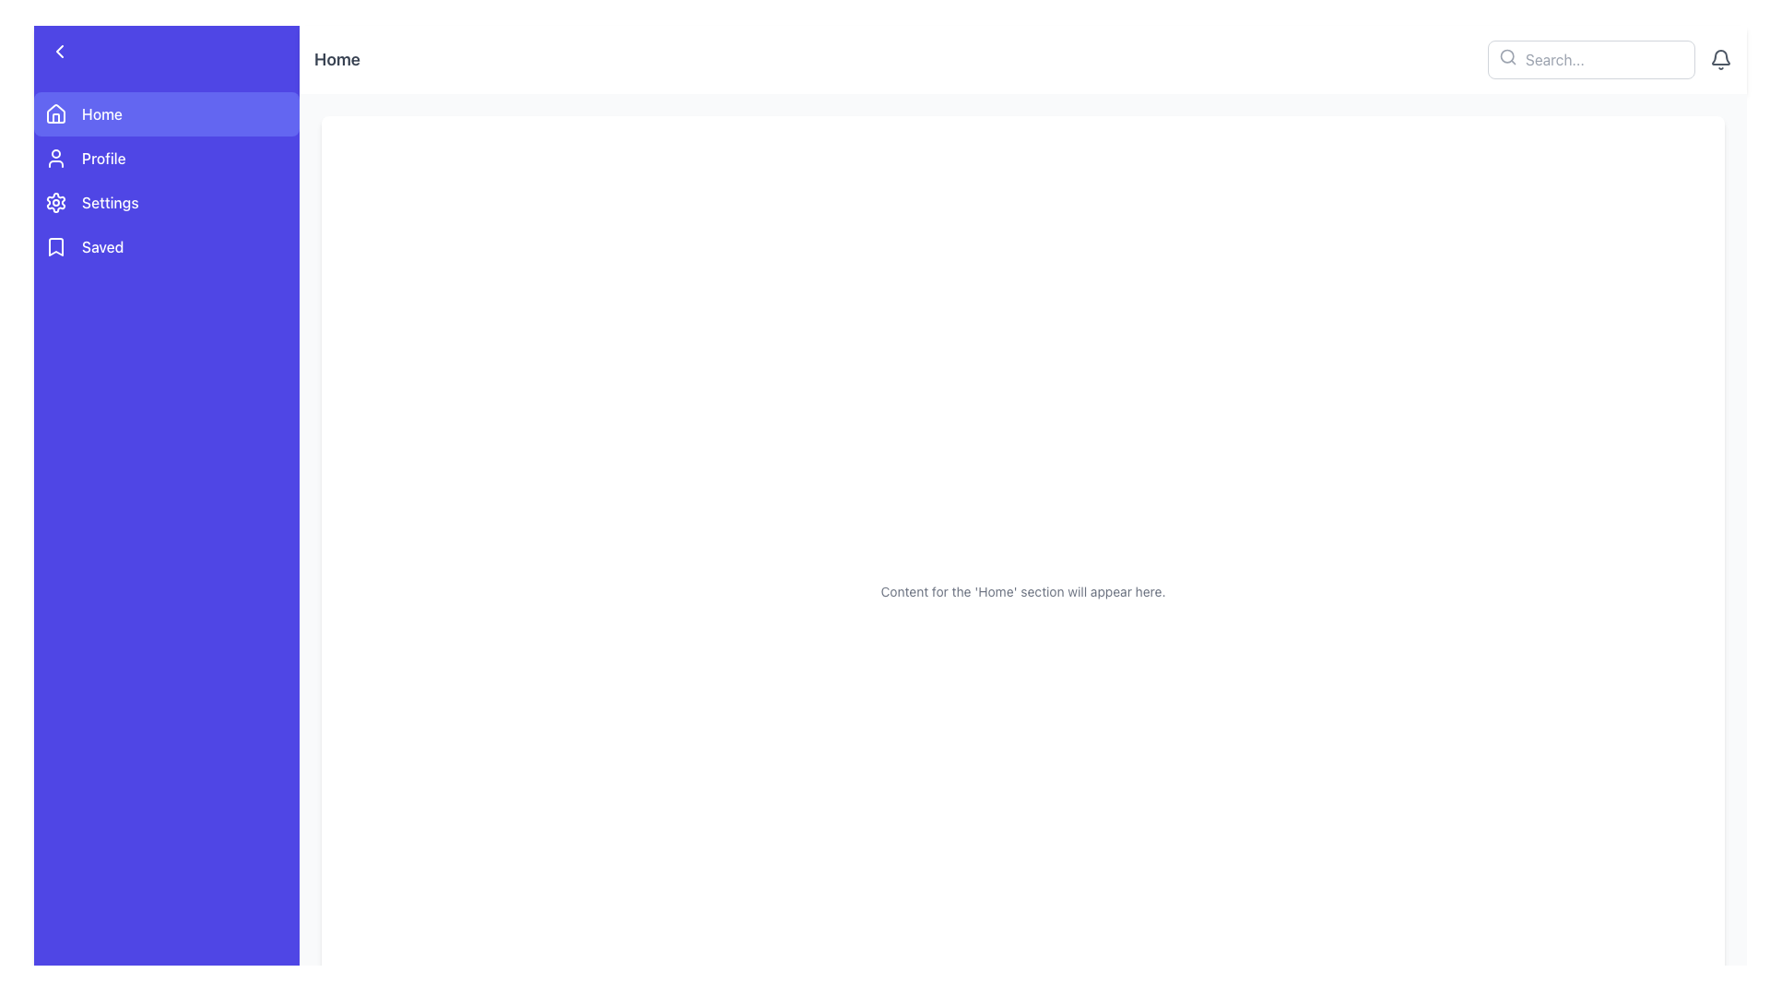 Image resolution: width=1770 pixels, height=996 pixels. Describe the element at coordinates (1720, 59) in the screenshot. I see `the bell icon at the top-right corner of the interface` at that location.